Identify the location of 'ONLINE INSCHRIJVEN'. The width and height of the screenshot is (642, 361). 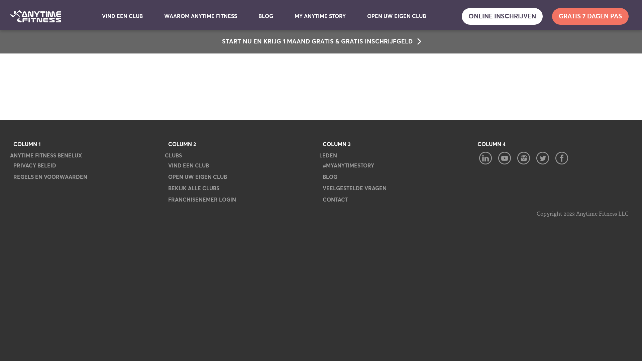
(502, 16).